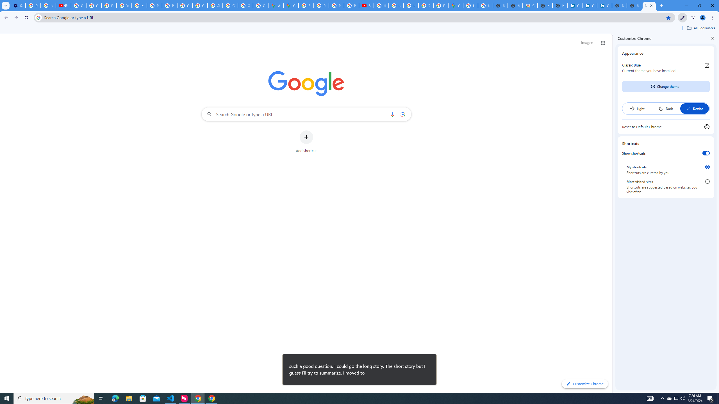  What do you see at coordinates (604, 5) in the screenshot?
I see `'Copyright Policy'` at bounding box center [604, 5].